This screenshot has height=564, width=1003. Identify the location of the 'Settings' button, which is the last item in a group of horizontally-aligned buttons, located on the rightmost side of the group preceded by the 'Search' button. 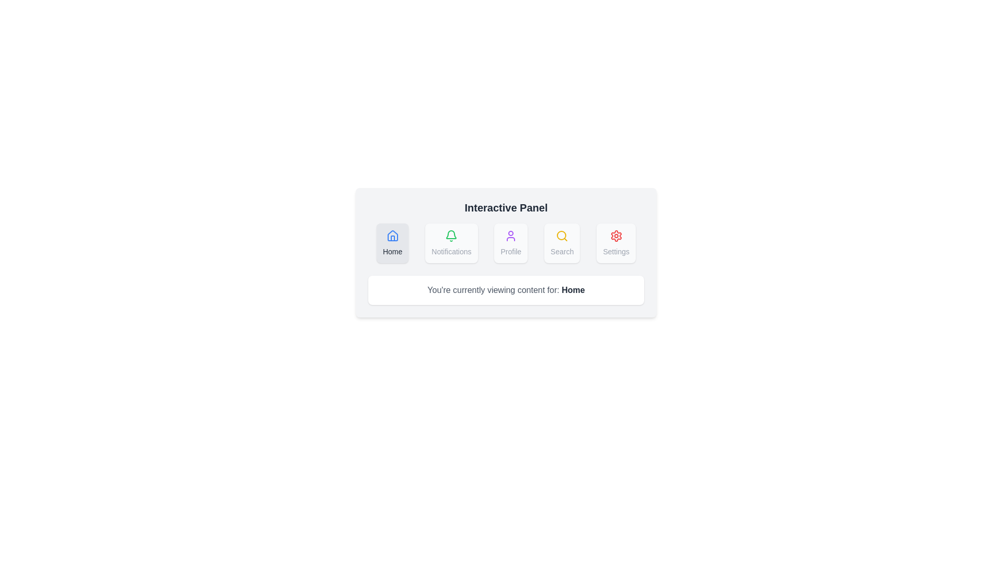
(616, 243).